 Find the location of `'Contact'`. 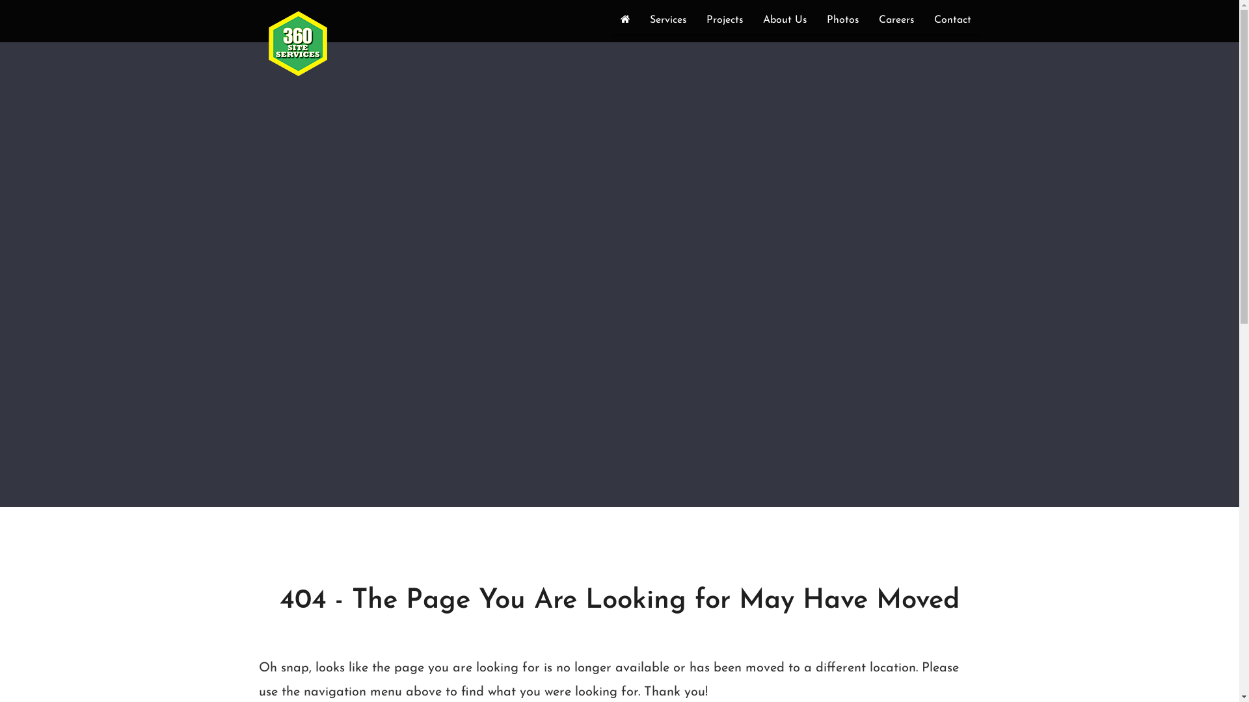

'Contact' is located at coordinates (952, 21).